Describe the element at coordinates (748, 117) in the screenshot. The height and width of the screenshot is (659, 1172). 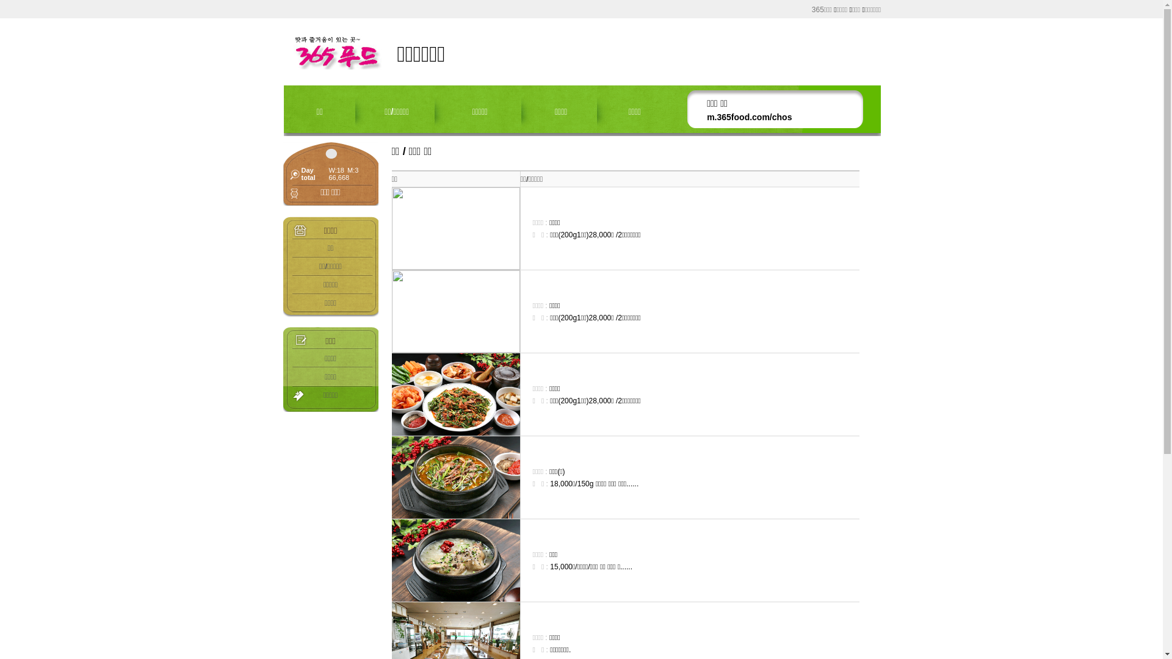
I see `'m.365food.com/chos'` at that location.